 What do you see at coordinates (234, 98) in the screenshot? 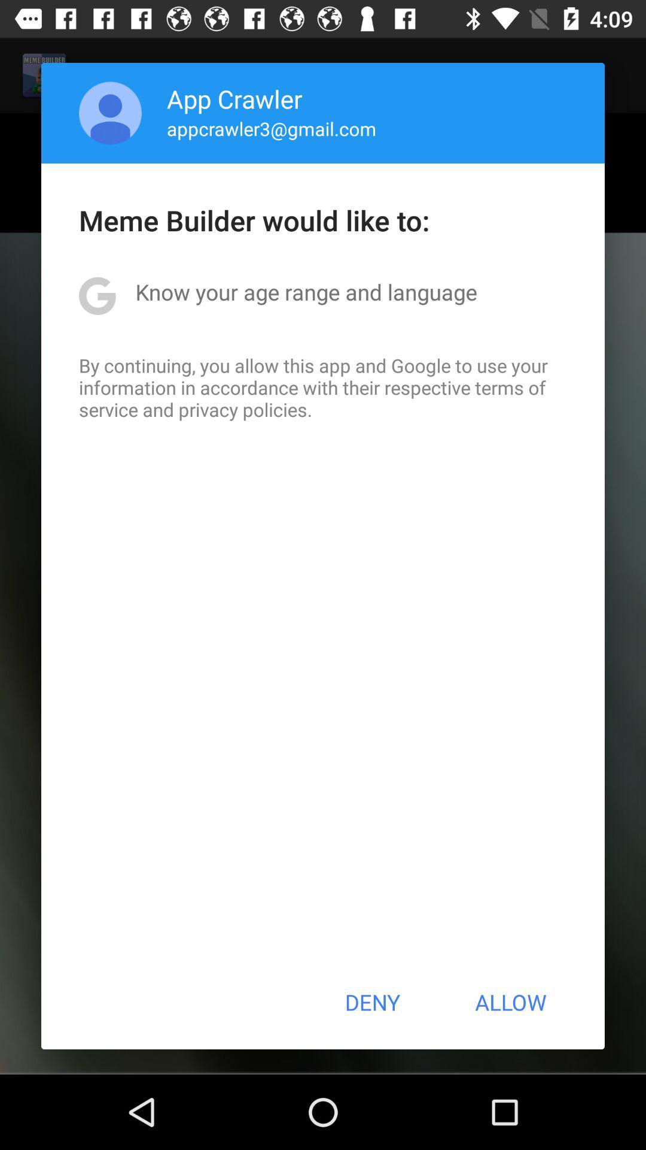
I see `the icon above the appcrawler3@gmail.com icon` at bounding box center [234, 98].